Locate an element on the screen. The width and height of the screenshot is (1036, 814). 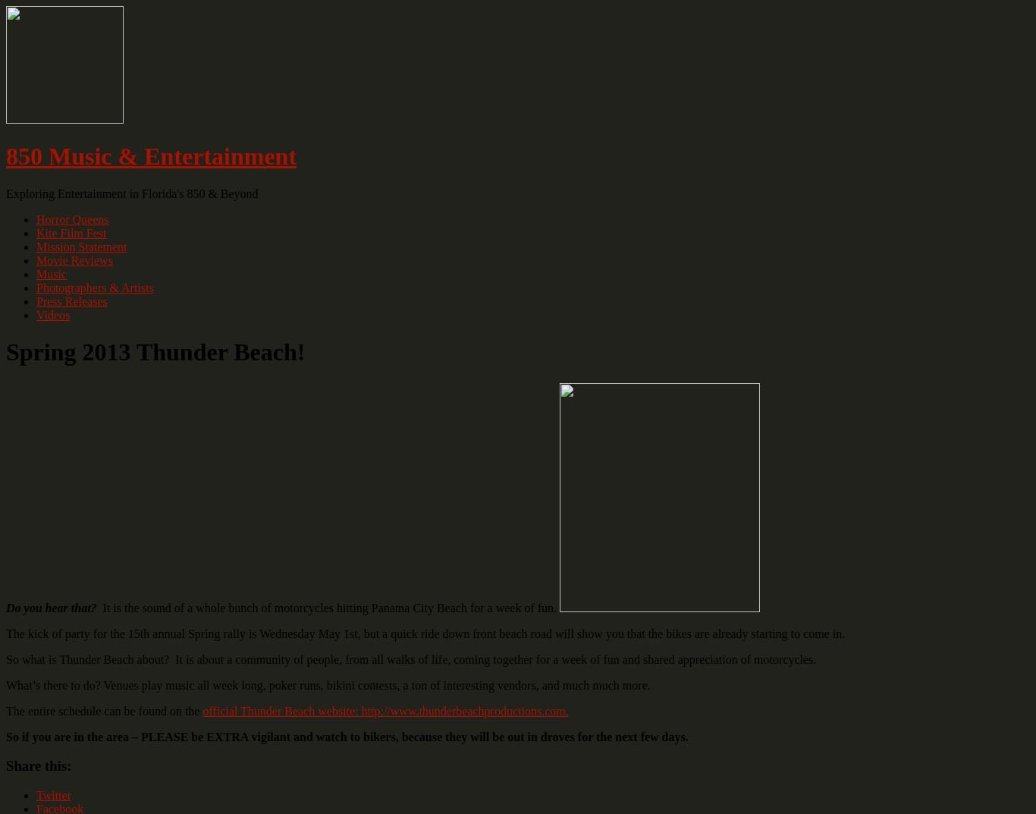
'Videos' is located at coordinates (52, 313).